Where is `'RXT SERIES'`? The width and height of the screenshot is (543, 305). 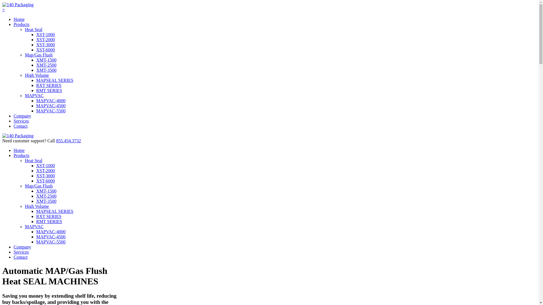
'RXT SERIES' is located at coordinates (36, 216).